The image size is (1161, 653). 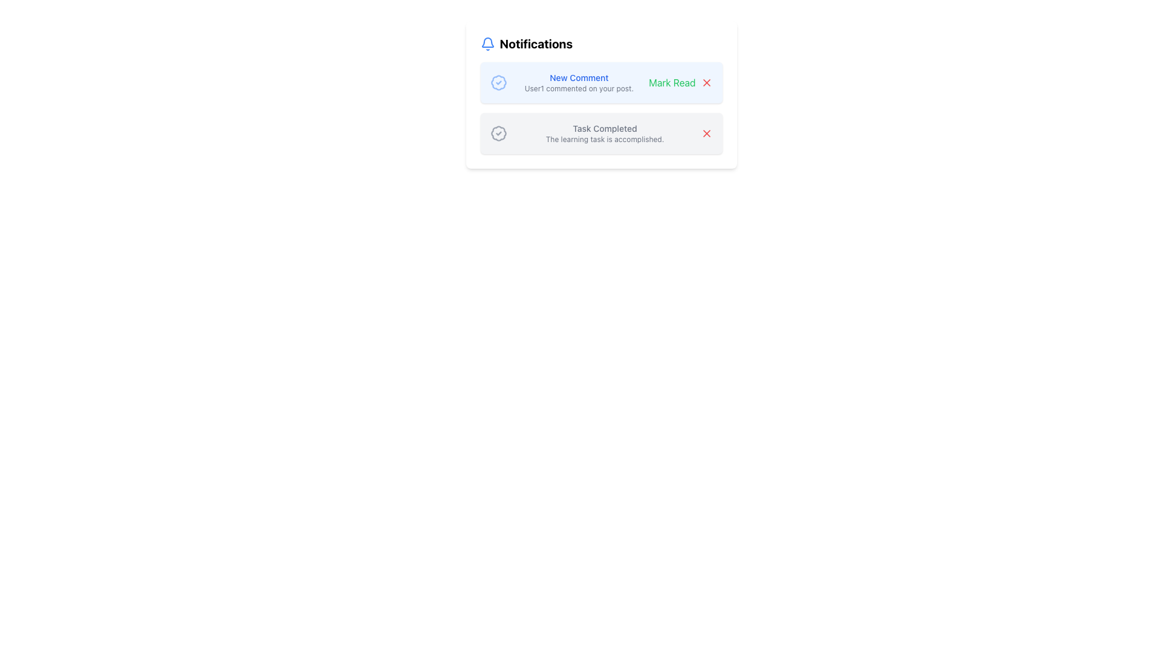 What do you see at coordinates (578, 77) in the screenshot?
I see `the text label indicating a new comment, which is the title of the notification positioned at the top of the notification list` at bounding box center [578, 77].